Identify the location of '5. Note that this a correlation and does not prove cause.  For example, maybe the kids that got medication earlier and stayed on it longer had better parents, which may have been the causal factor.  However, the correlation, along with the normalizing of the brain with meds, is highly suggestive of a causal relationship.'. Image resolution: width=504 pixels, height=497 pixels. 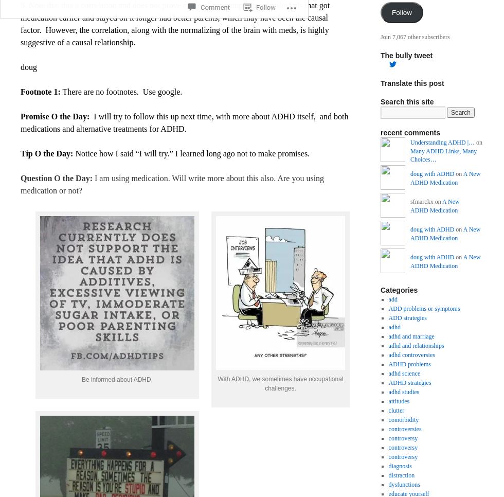
(175, 23).